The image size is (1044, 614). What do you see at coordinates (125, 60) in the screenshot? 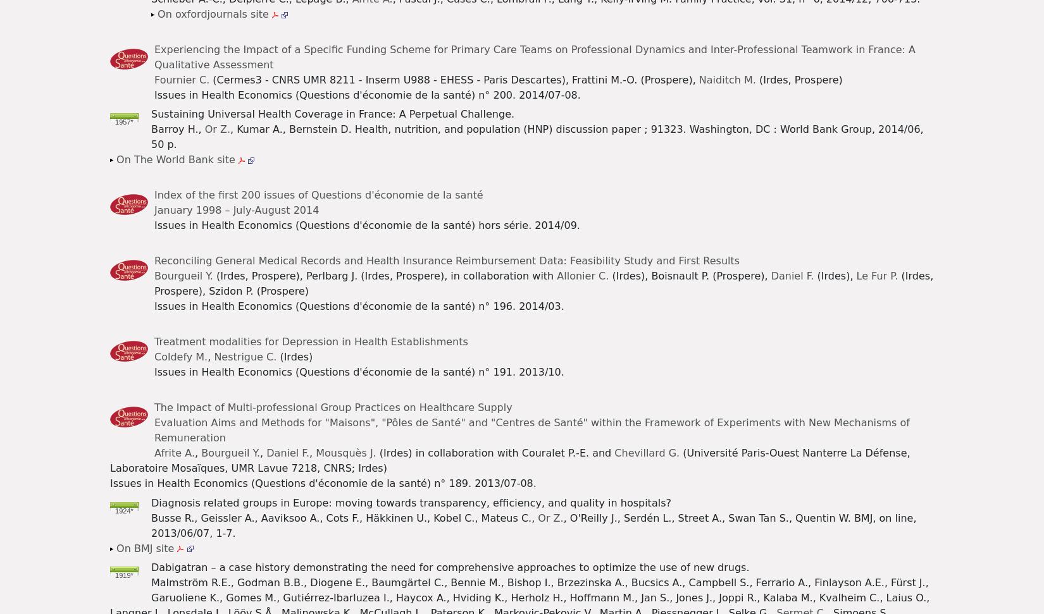
I see `'Access'` at bounding box center [125, 60].